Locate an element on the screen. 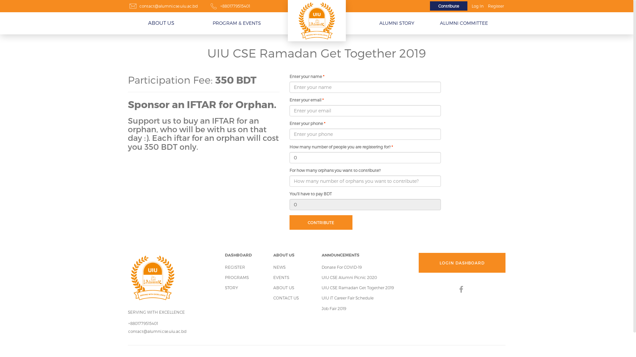  'PROGRAMS' is located at coordinates (224, 277).